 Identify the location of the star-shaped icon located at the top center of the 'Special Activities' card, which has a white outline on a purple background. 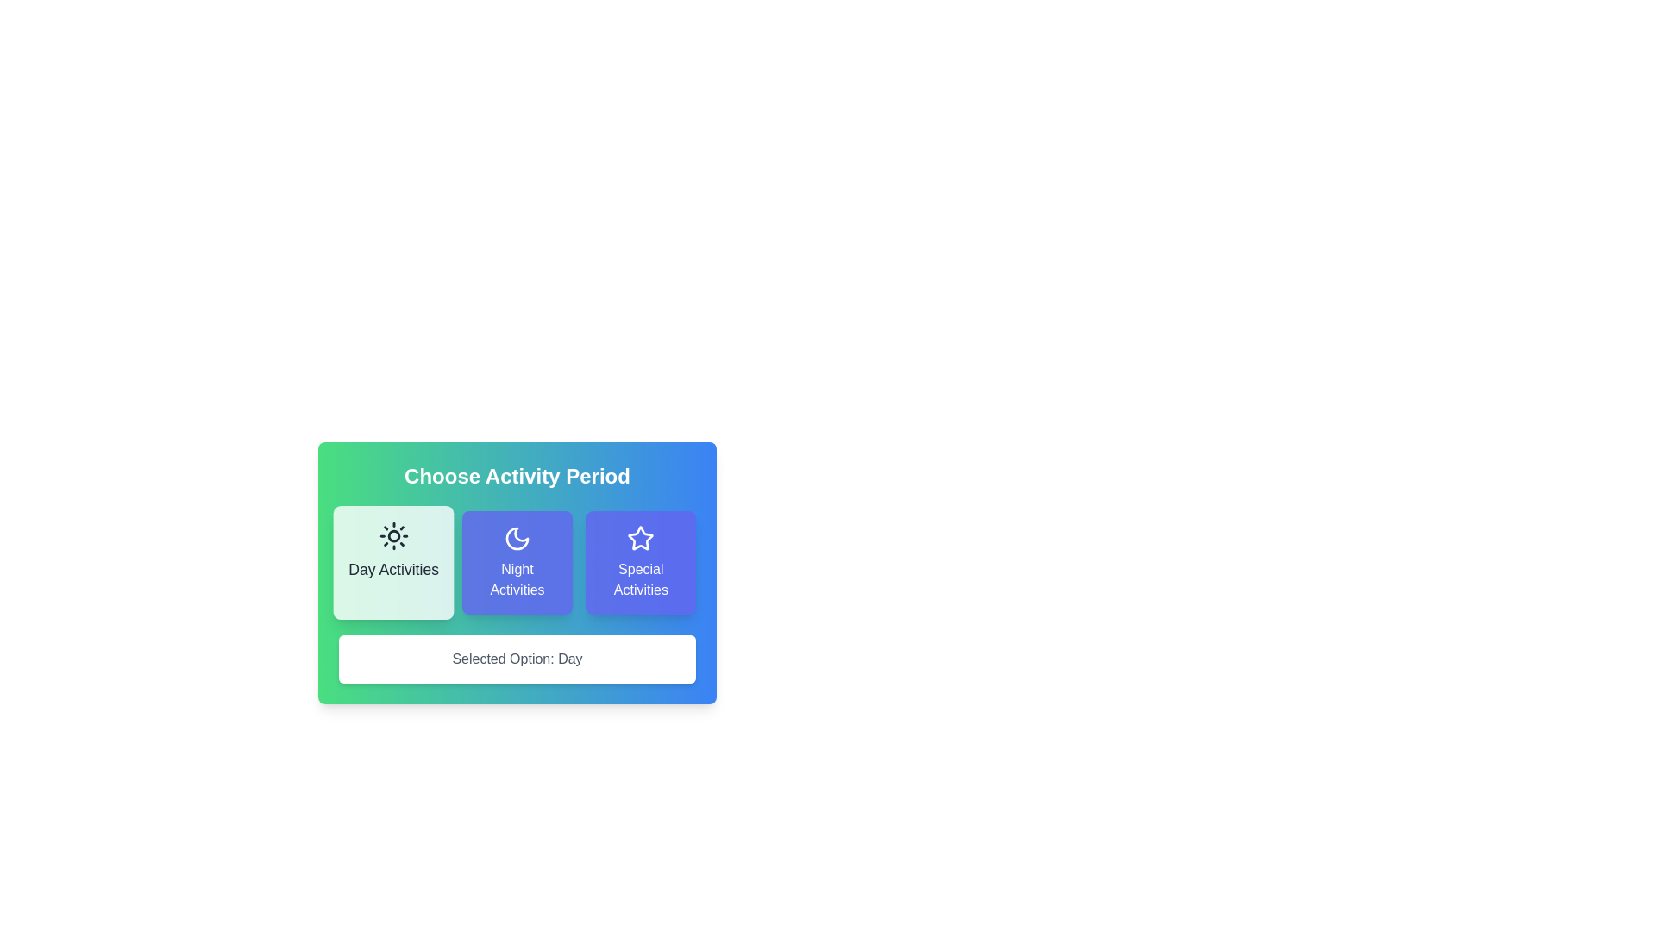
(640, 537).